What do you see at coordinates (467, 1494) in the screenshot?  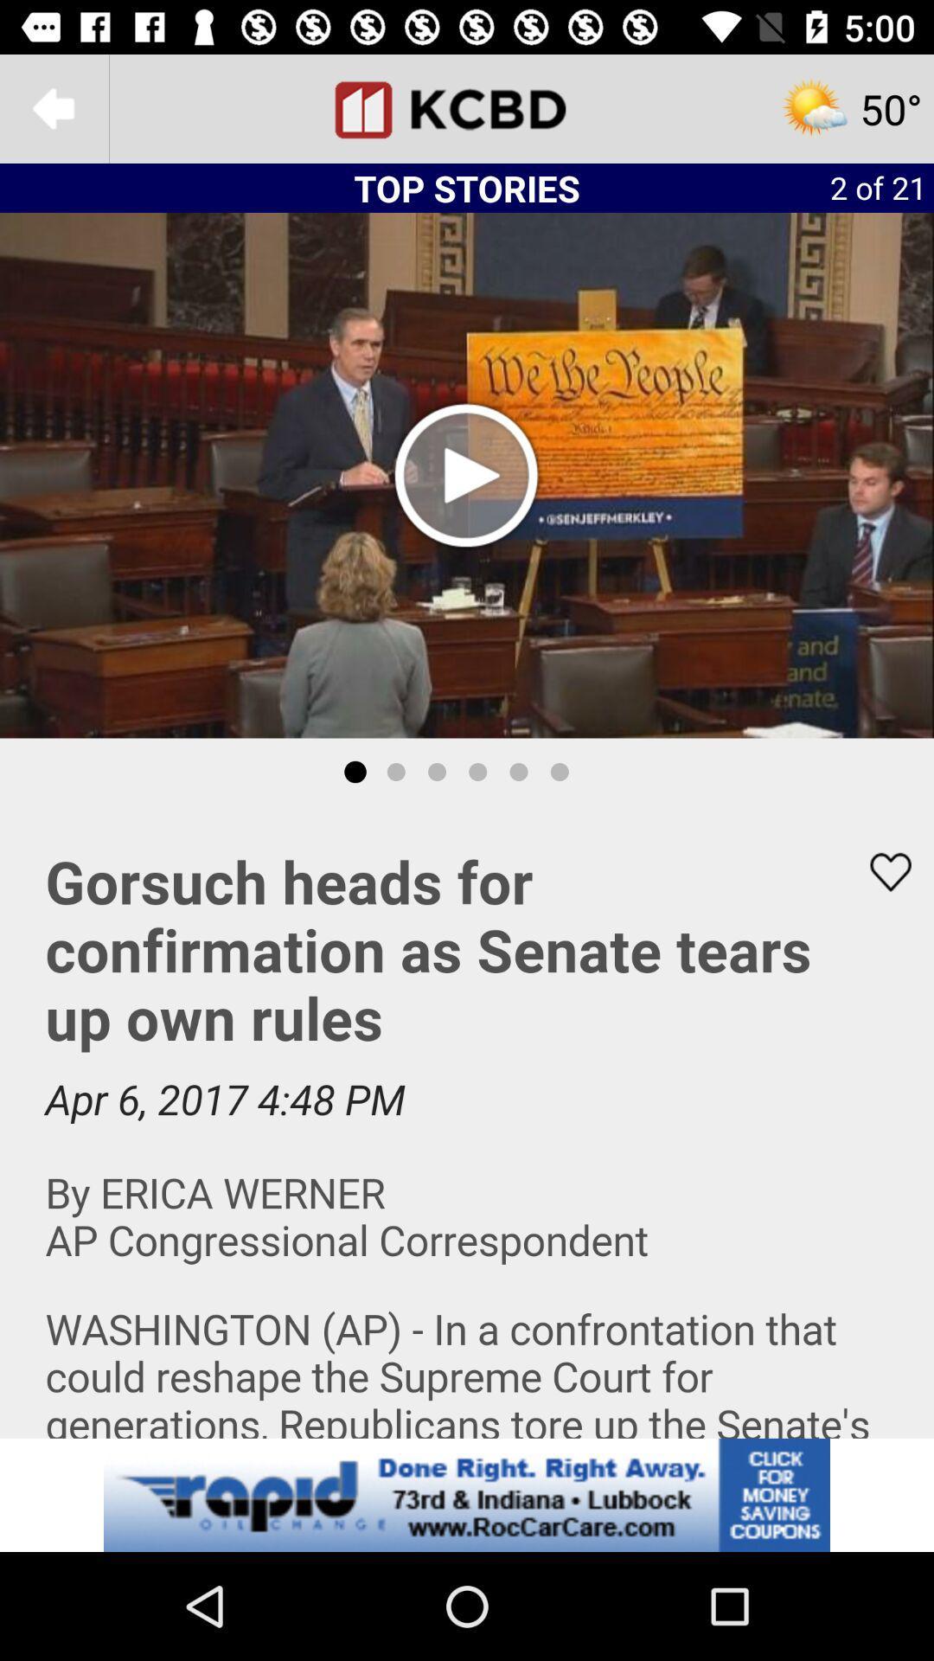 I see `link to an advertisement` at bounding box center [467, 1494].